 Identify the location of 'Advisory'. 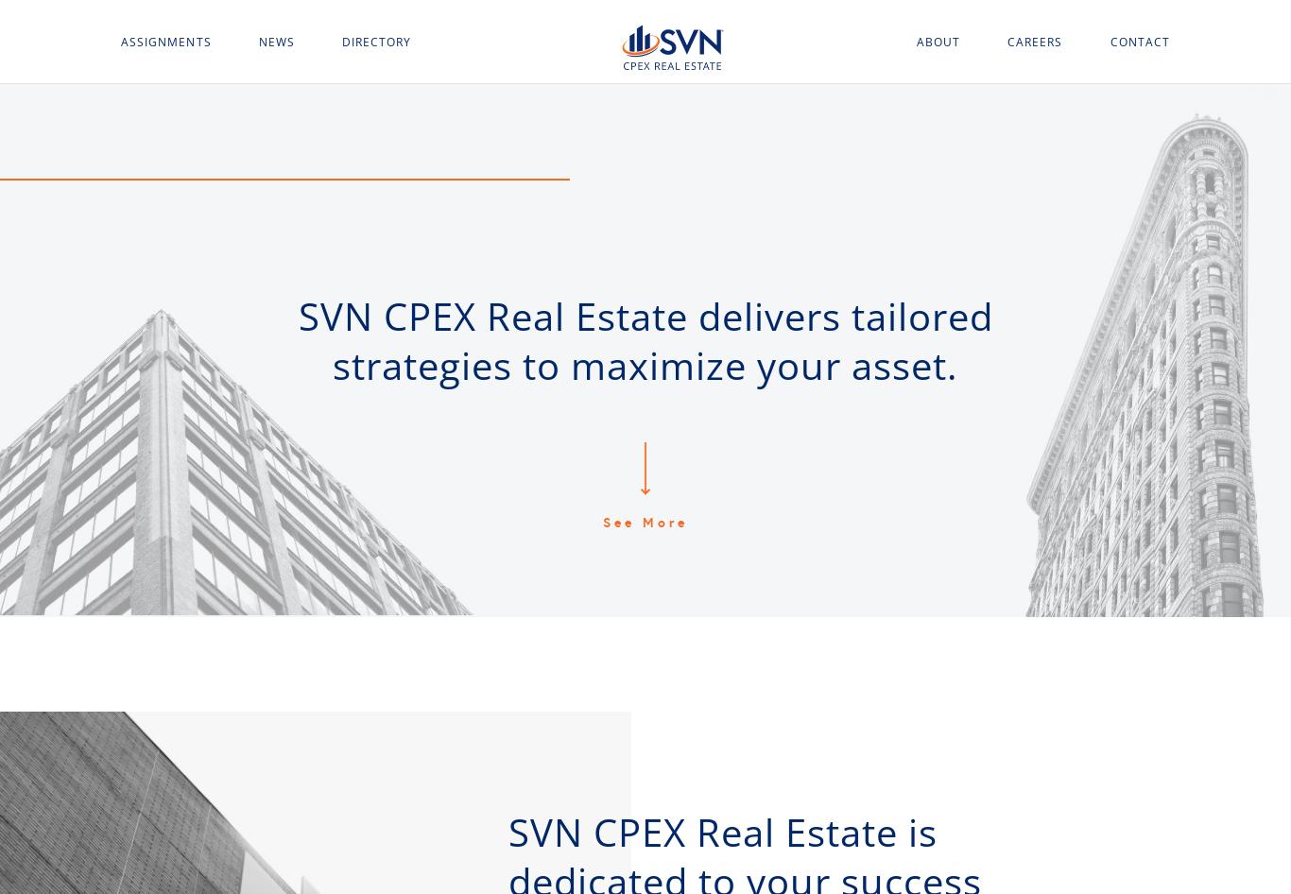
(151, 216).